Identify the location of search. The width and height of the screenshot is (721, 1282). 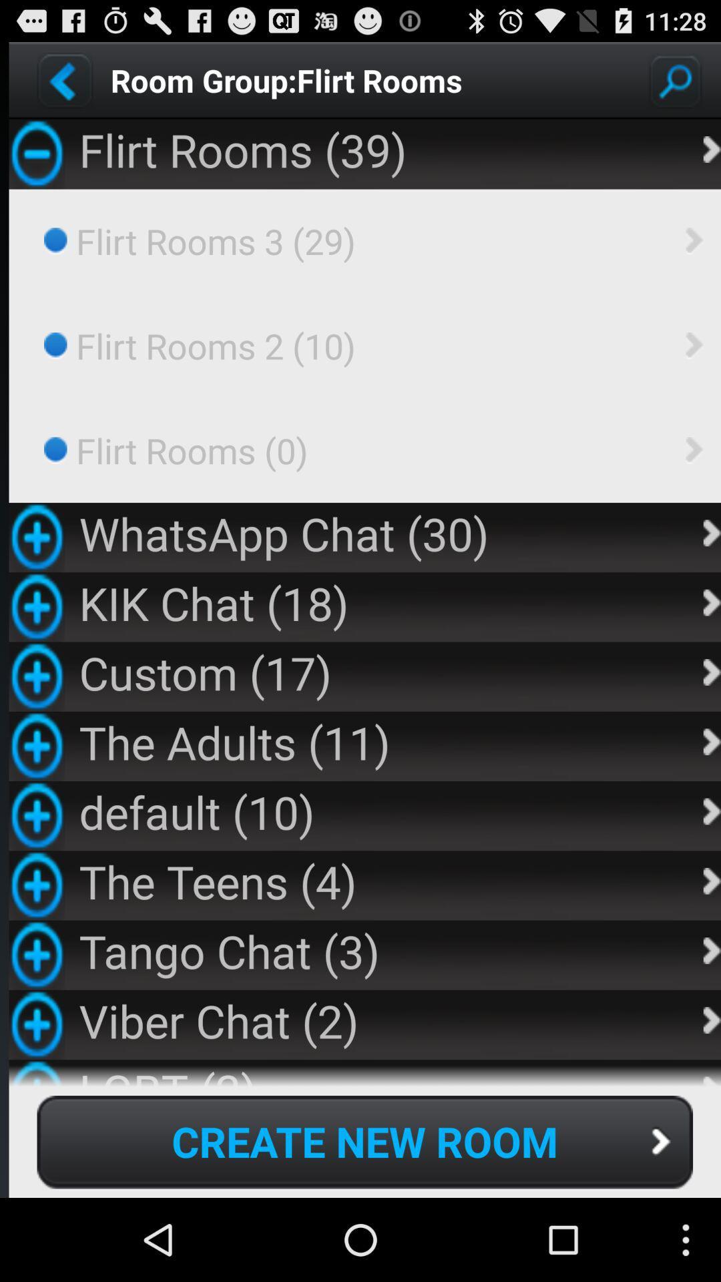
(675, 79).